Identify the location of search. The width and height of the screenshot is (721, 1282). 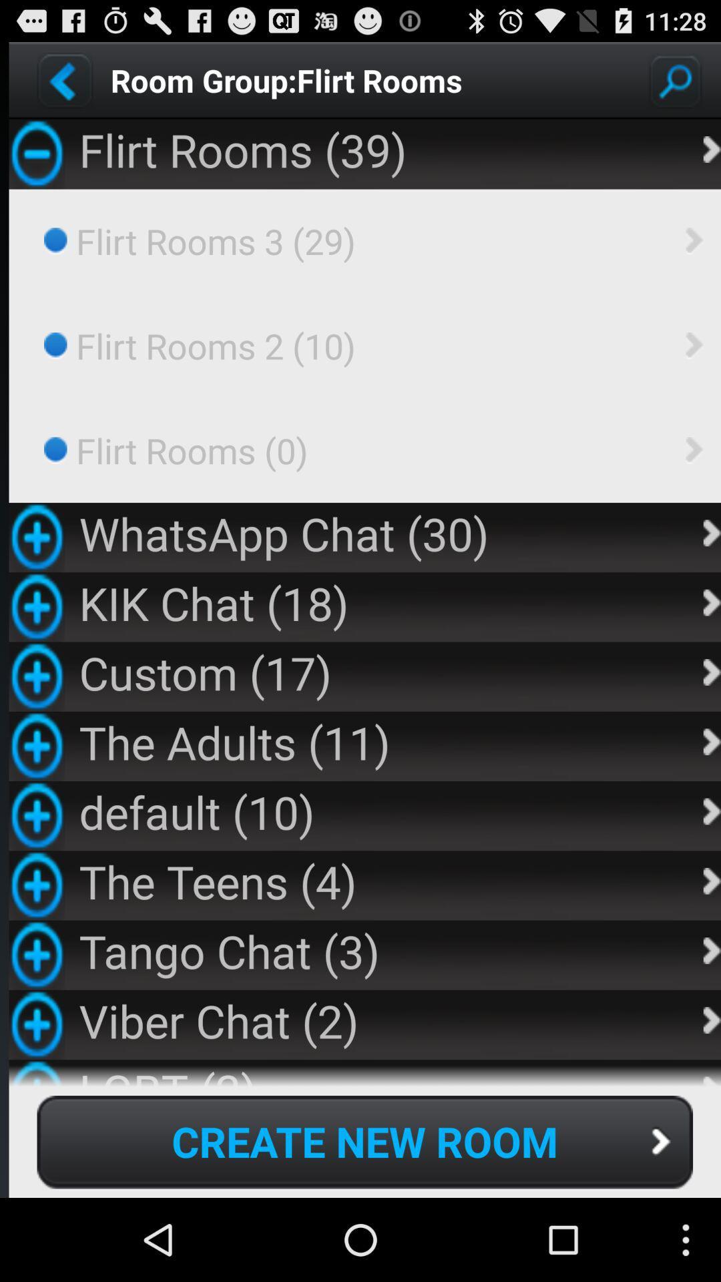
(675, 79).